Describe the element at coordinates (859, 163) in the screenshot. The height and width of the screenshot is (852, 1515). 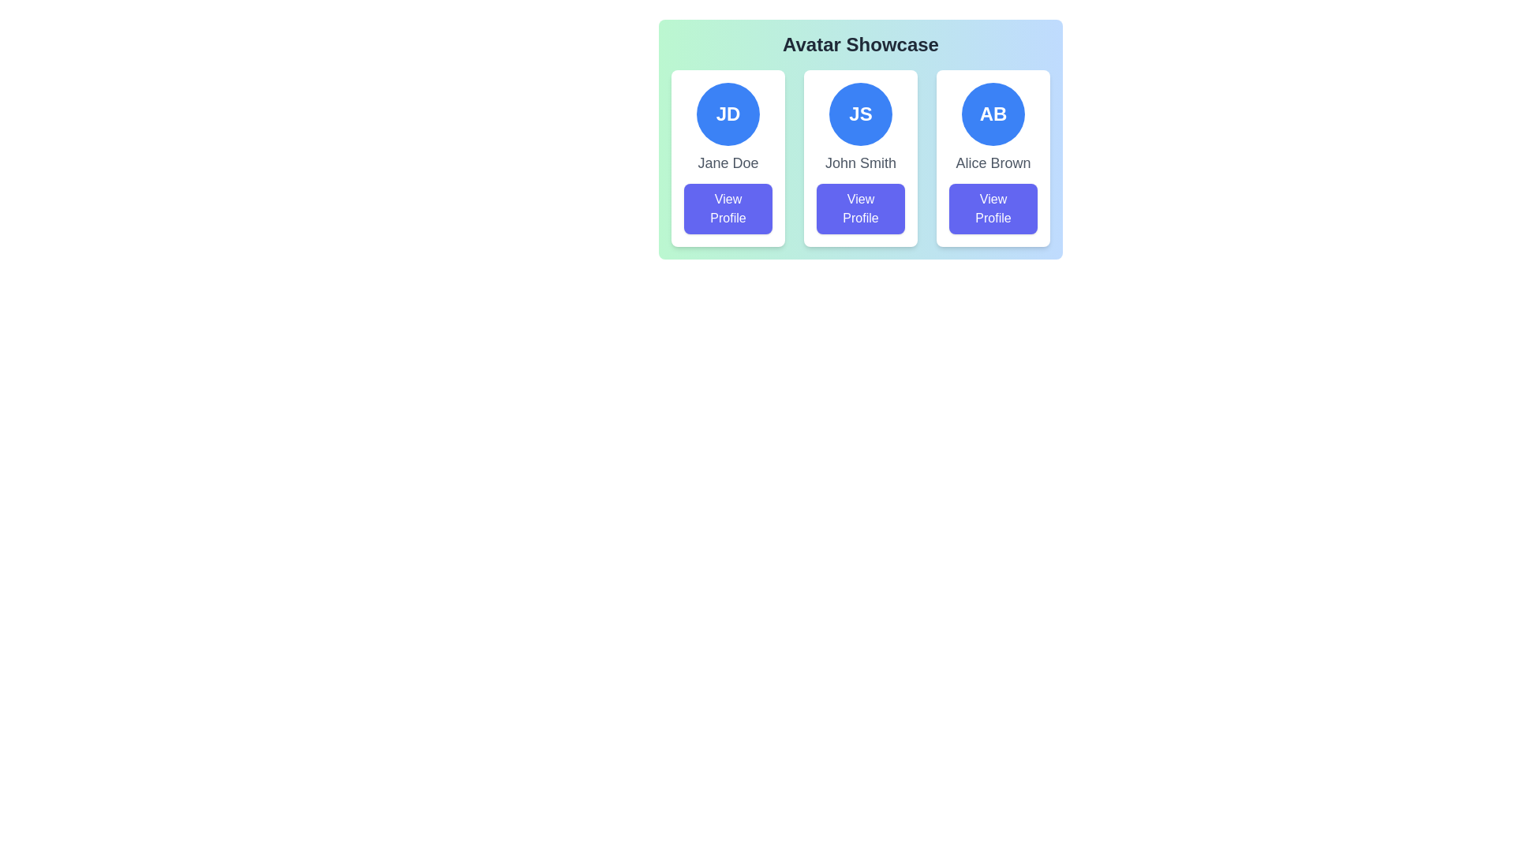
I see `the text label displaying 'John Smith', which is styled in light gray and positioned below the avatar labeled 'JS' and above the 'View Profile' button in the user profile card` at that location.